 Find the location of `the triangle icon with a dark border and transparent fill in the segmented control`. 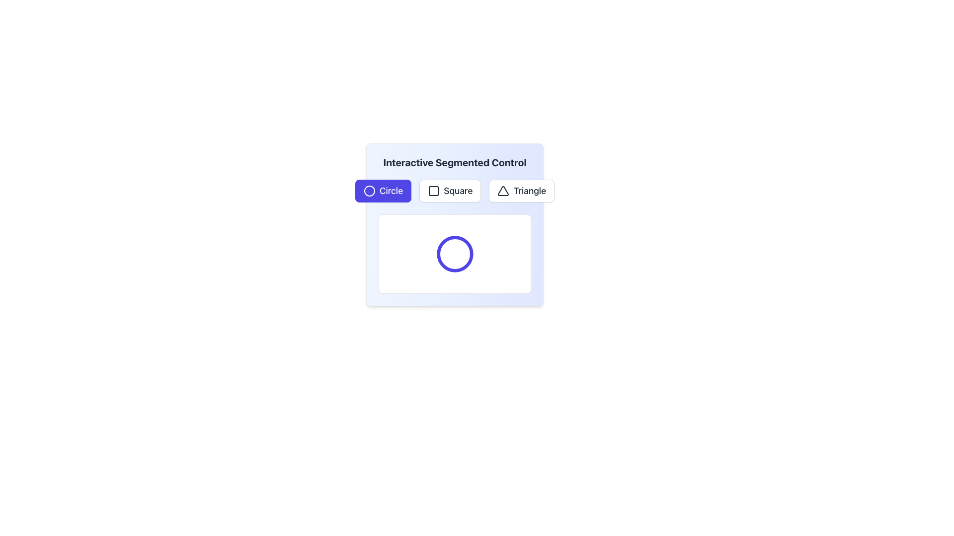

the triangle icon with a dark border and transparent fill in the segmented control is located at coordinates (503, 191).